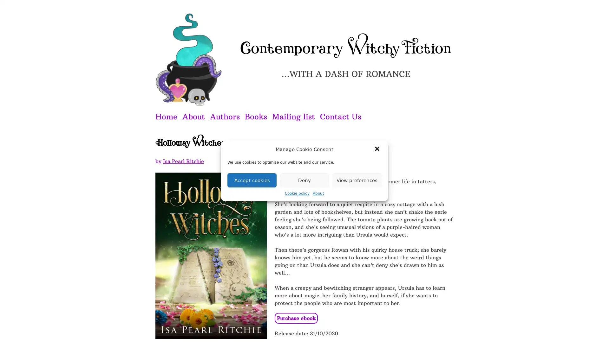 This screenshot has height=342, width=609. What do you see at coordinates (304, 180) in the screenshot?
I see `Deny` at bounding box center [304, 180].